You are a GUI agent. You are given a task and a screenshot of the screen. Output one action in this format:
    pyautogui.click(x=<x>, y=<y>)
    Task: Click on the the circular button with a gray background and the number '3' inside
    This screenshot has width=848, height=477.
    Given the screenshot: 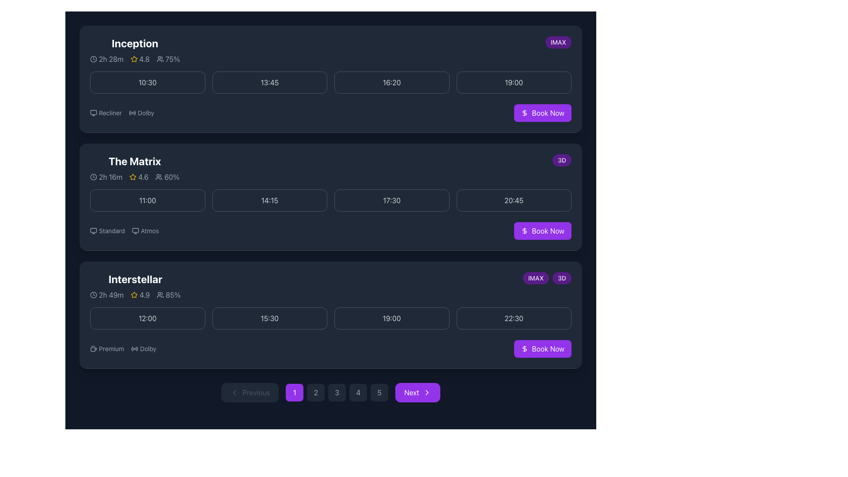 What is the action you would take?
    pyautogui.click(x=337, y=392)
    